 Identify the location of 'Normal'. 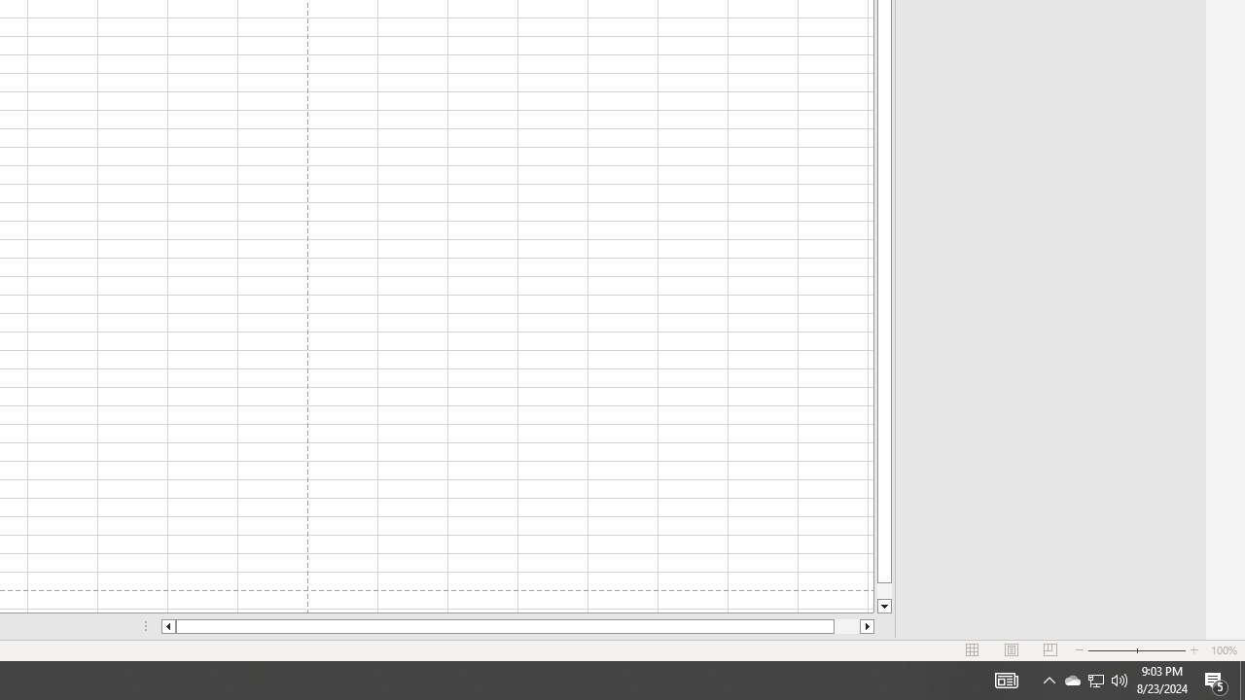
(973, 650).